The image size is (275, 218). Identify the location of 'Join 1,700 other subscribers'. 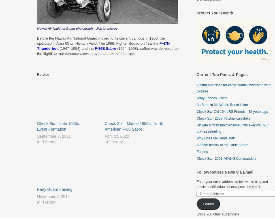
(218, 213).